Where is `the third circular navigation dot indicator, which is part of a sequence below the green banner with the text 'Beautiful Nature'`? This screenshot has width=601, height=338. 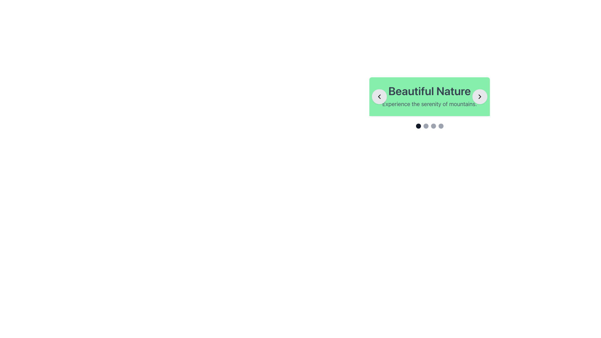 the third circular navigation dot indicator, which is part of a sequence below the green banner with the text 'Beautiful Nature' is located at coordinates (433, 126).